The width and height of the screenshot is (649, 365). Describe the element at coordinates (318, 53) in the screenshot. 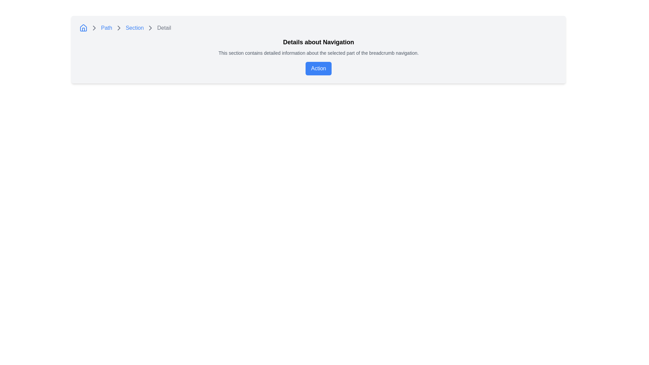

I see `the text element that reads "This section contains detailed information about the selected part of the breadcrumb navigation," which is styled in small gray text and positioned below the heading "Details about Navigation."` at that location.